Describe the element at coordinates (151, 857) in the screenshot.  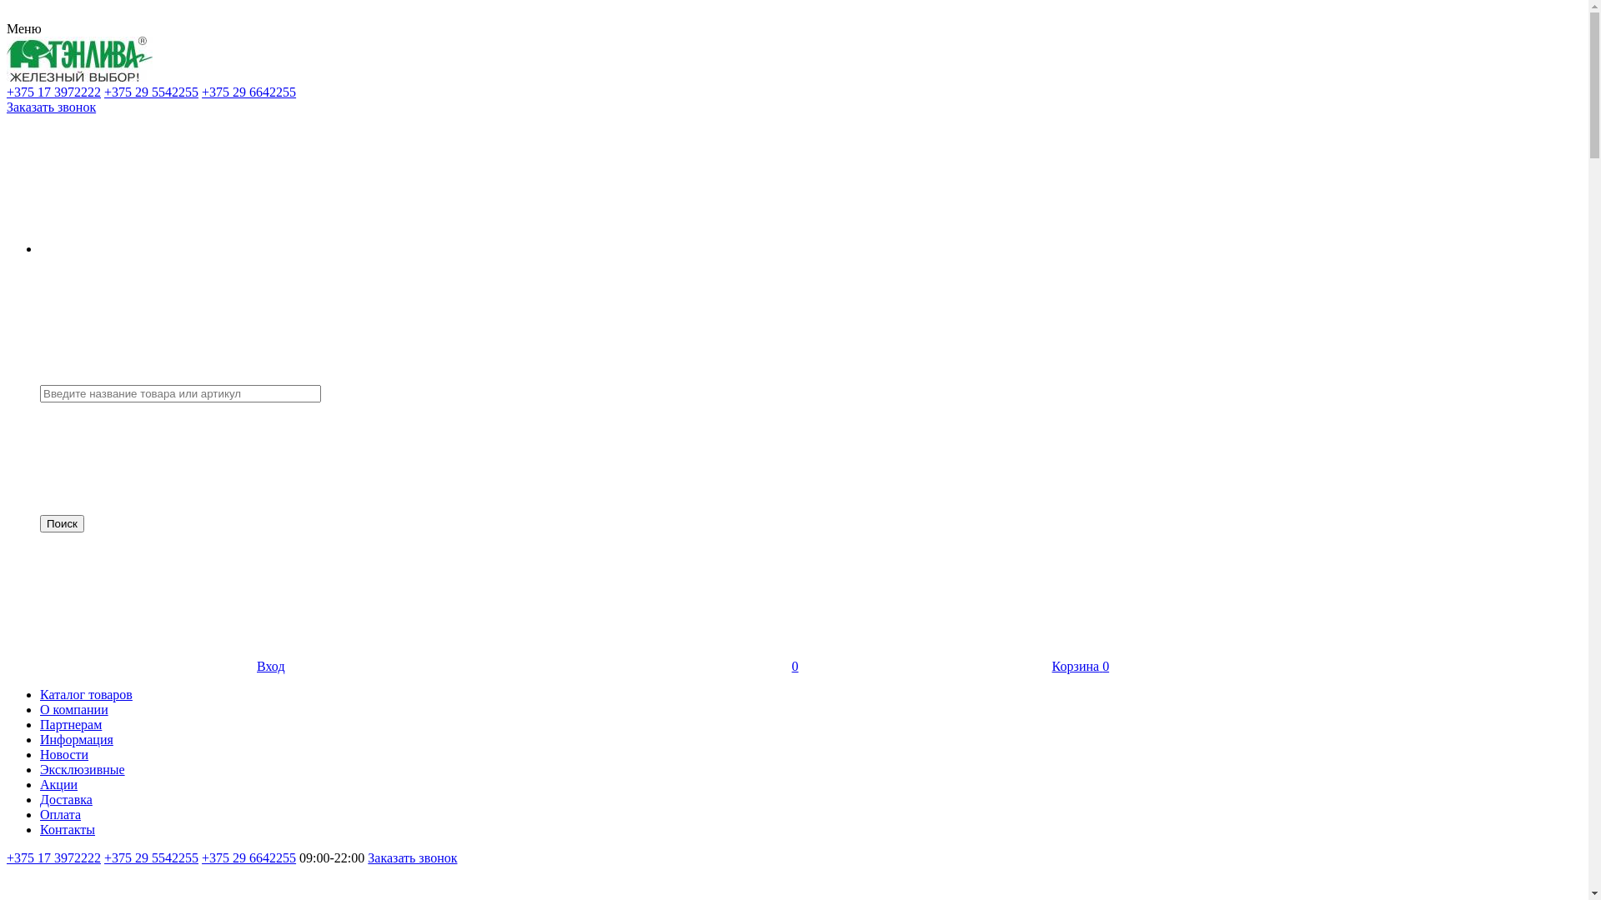
I see `'+375 29 5542255'` at that location.